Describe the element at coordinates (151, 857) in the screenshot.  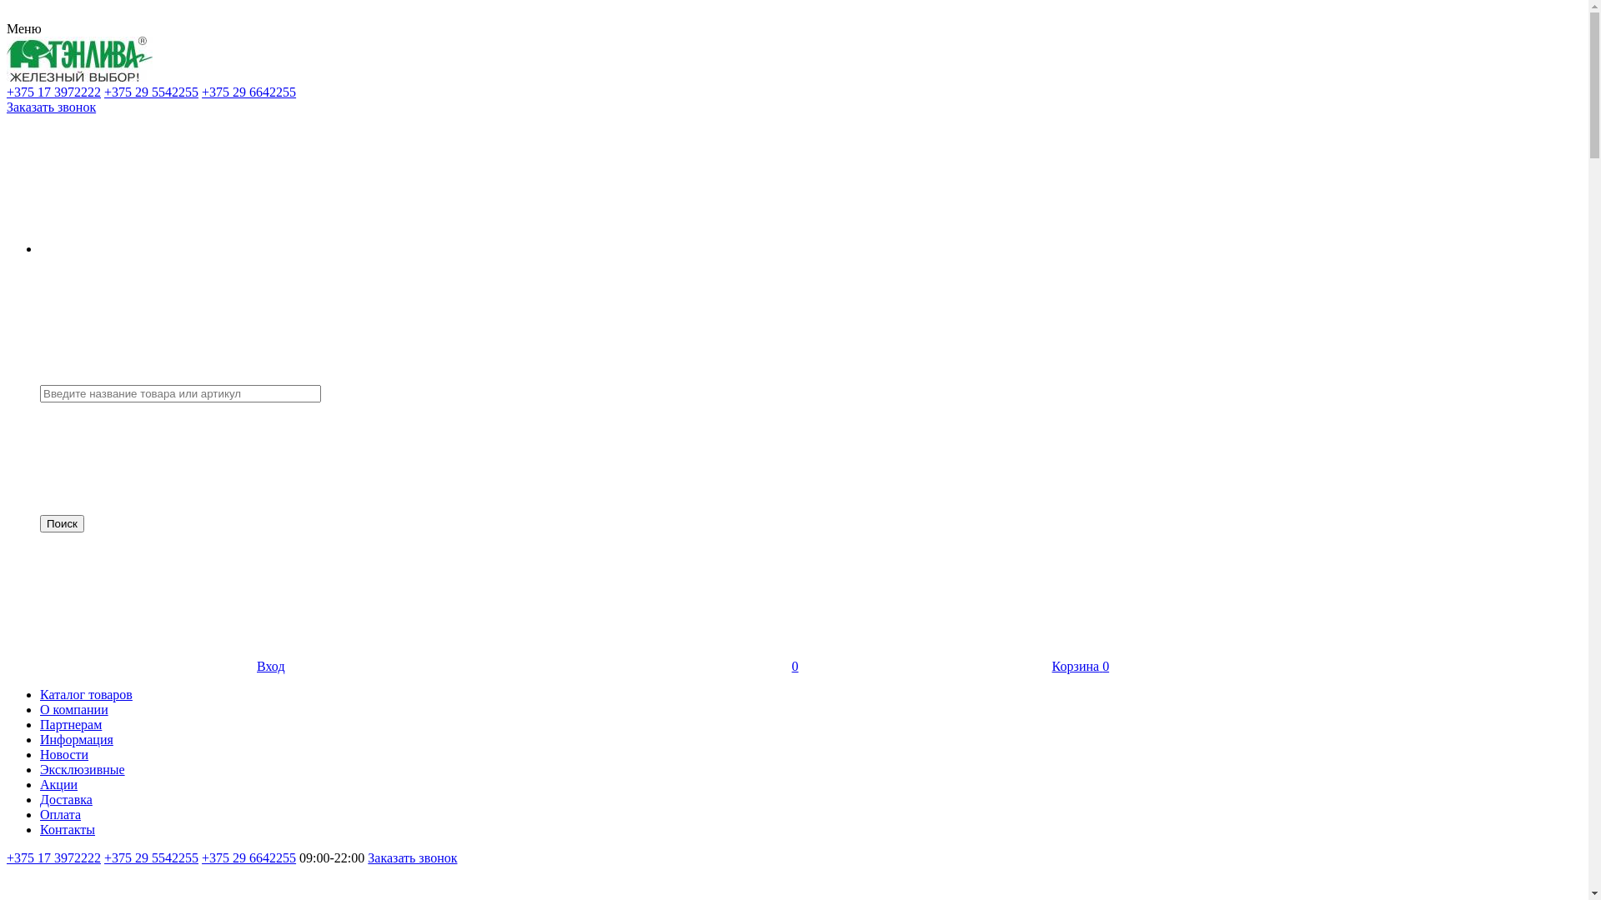
I see `'+375 29 5542255'` at that location.